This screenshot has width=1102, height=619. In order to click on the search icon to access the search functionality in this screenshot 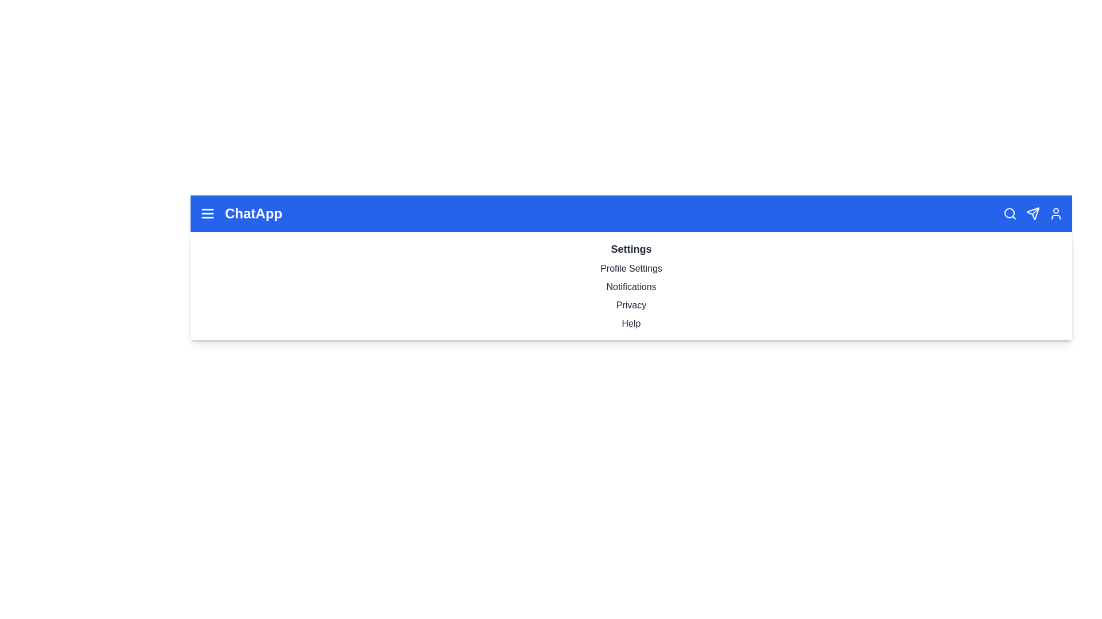, I will do `click(1010, 214)`.